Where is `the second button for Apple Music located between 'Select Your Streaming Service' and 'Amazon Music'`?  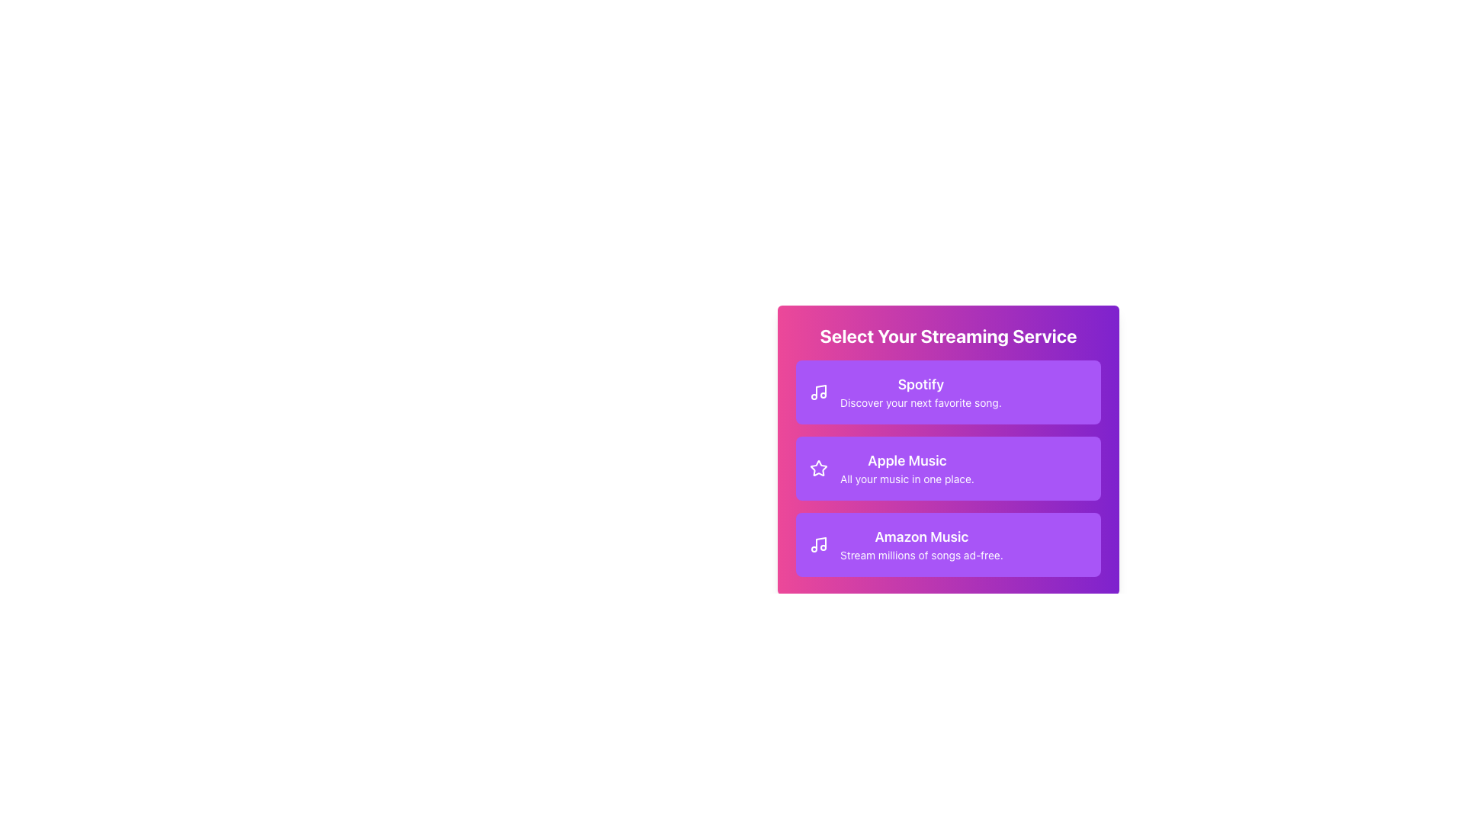
the second button for Apple Music located between 'Select Your Streaming Service' and 'Amazon Music' is located at coordinates (947, 440).